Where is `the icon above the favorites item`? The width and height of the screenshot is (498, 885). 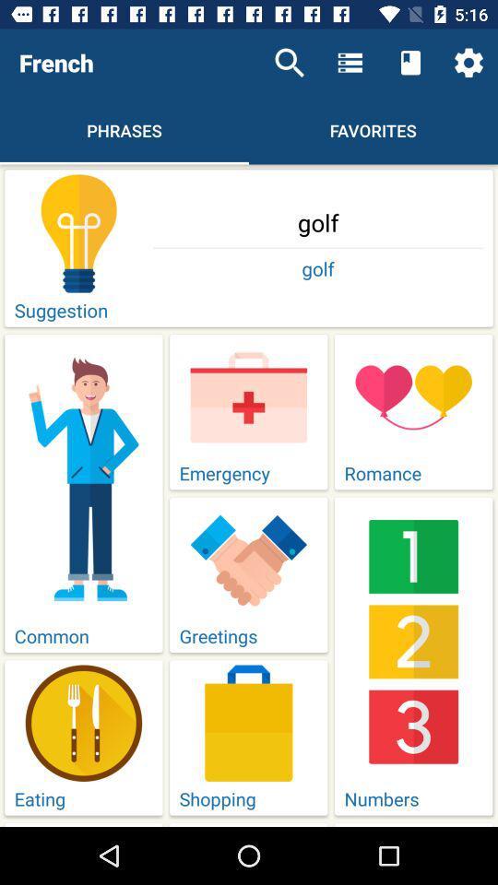 the icon above the favorites item is located at coordinates (410, 63).